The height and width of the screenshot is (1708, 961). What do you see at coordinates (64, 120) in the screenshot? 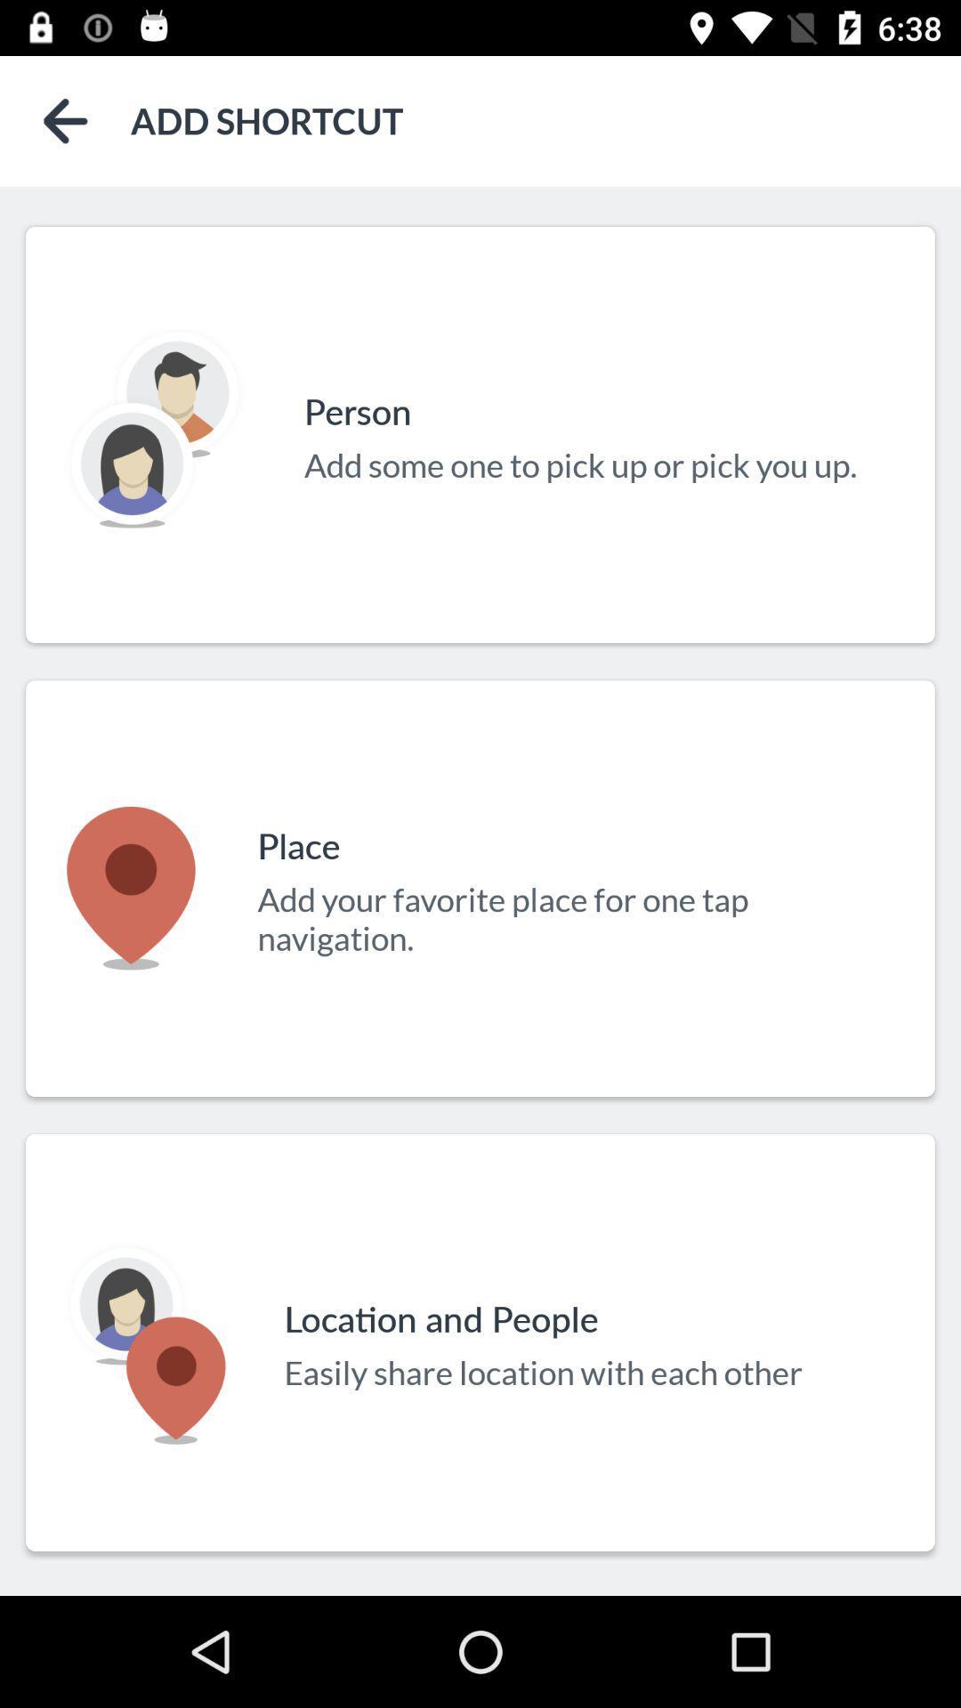
I see `option to return` at bounding box center [64, 120].